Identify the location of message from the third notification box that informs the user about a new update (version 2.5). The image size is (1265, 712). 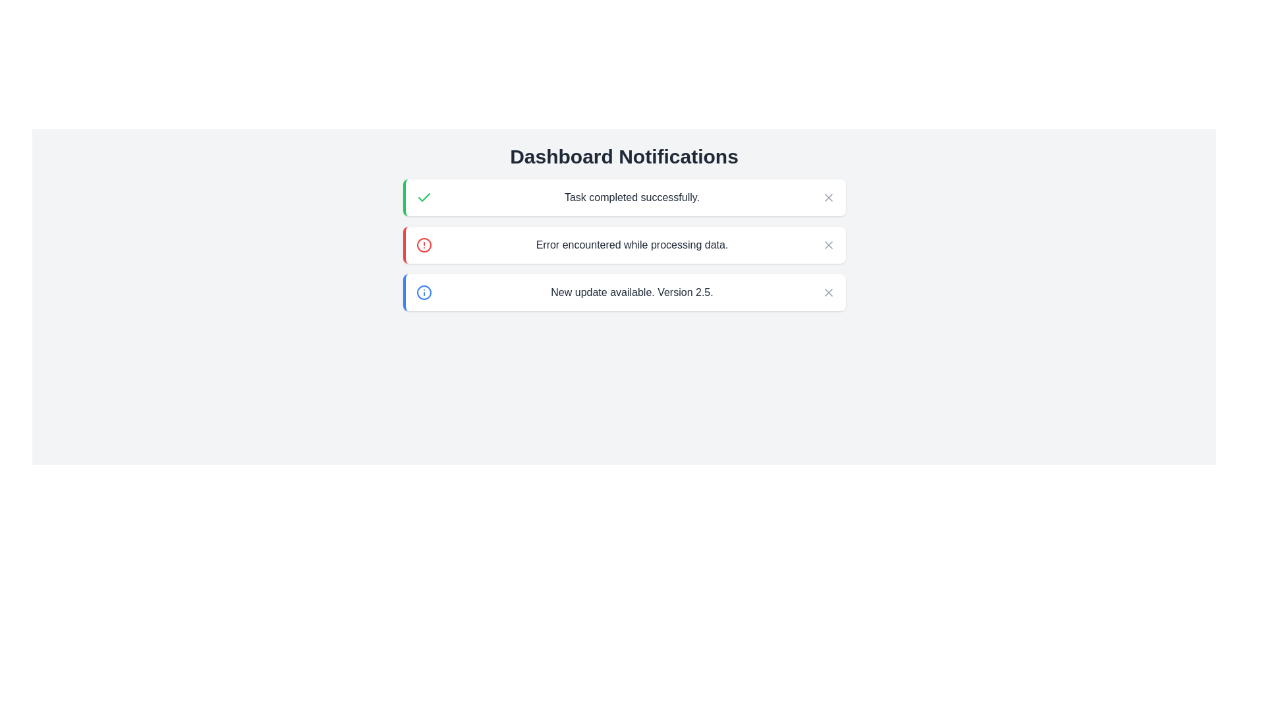
(623, 291).